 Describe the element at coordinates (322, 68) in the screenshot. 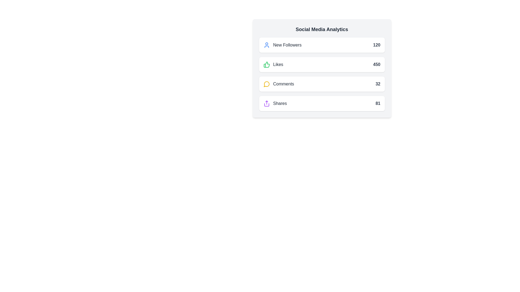

I see `displayed data from the second section of the 'Social Media Analytics' panel which indicates the number of likes` at that location.